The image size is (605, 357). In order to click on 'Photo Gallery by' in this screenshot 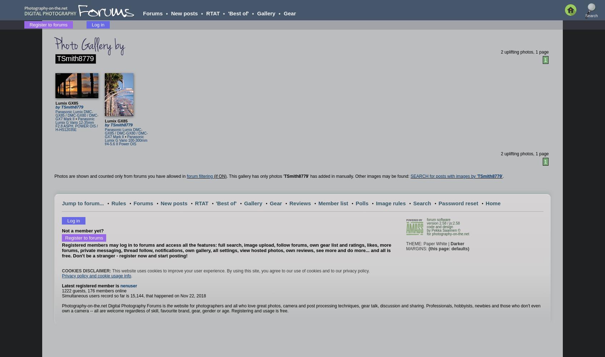, I will do `click(89, 45)`.